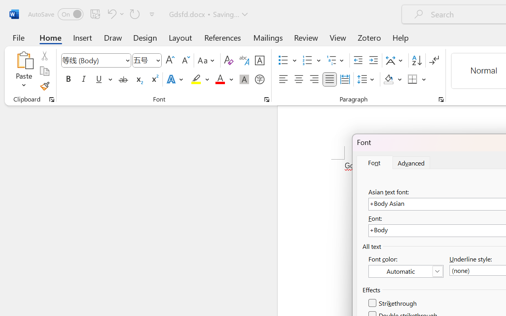 This screenshot has height=316, width=506. What do you see at coordinates (267, 99) in the screenshot?
I see `'Font...'` at bounding box center [267, 99].